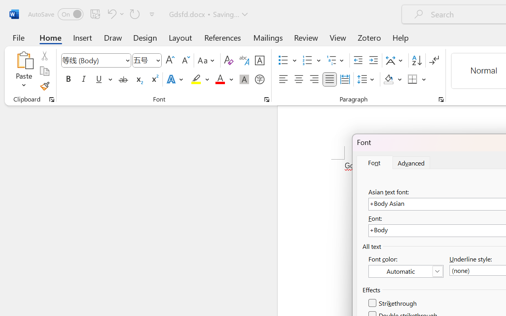 This screenshot has height=316, width=506. What do you see at coordinates (267, 99) in the screenshot?
I see `'Font...'` at bounding box center [267, 99].